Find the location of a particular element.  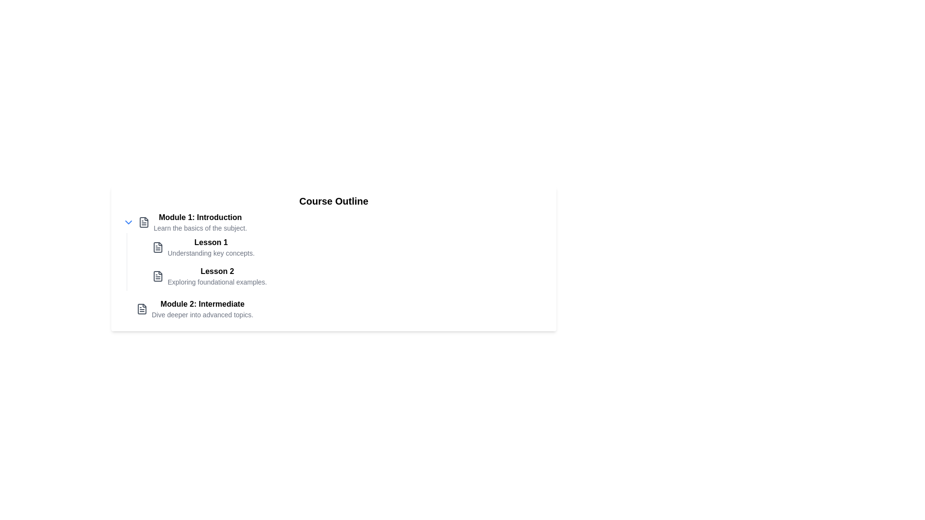

the text label titled 'Module 1: Introduction' is located at coordinates (199, 217).